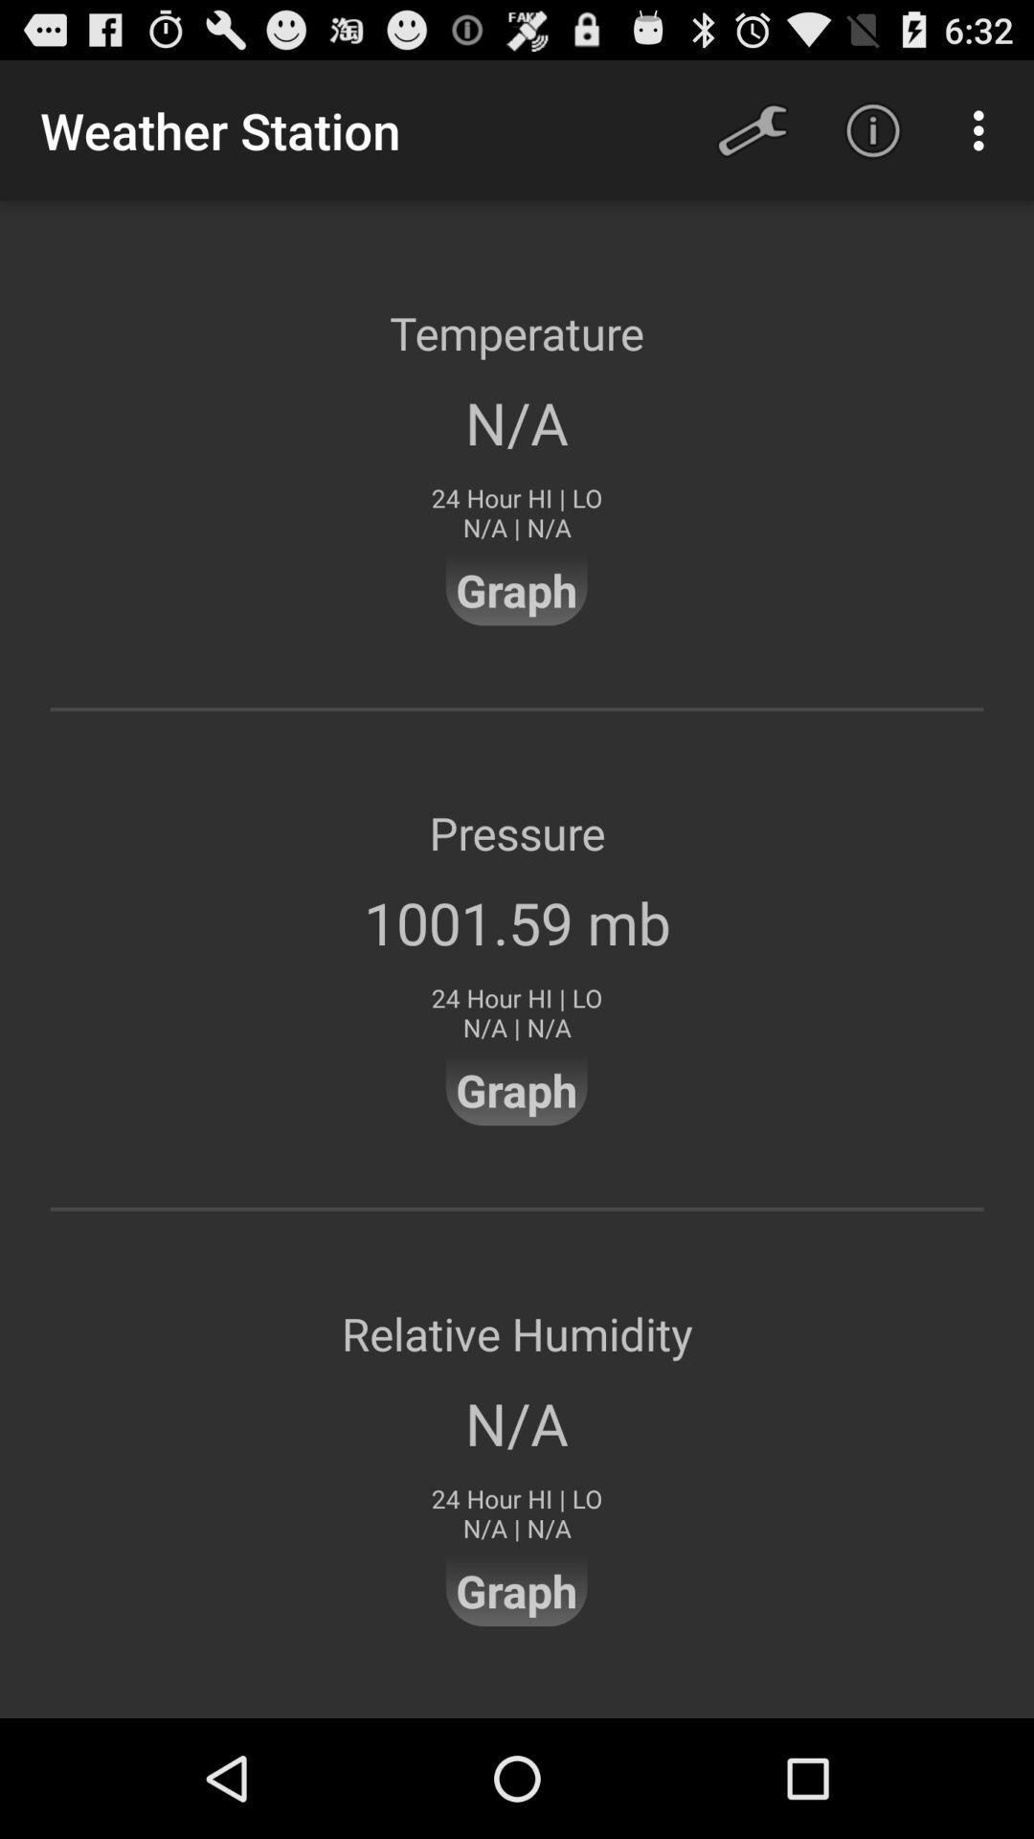 This screenshot has height=1839, width=1034. I want to click on the app above temperature item, so click(872, 129).